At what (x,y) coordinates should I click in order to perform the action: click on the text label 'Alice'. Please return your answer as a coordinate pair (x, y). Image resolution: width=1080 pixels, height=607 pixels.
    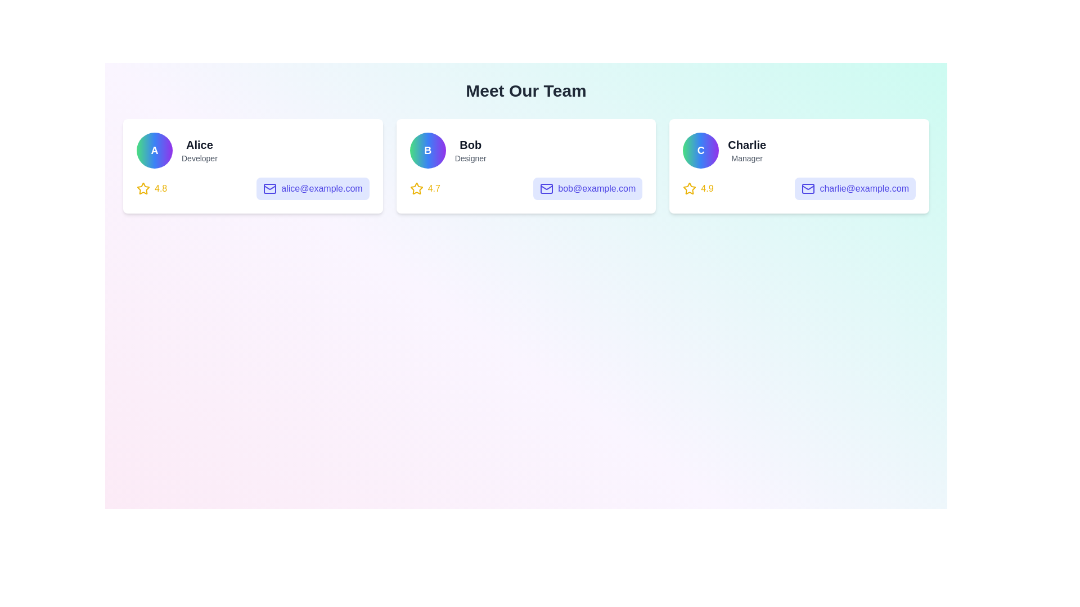
    Looking at the image, I should click on (199, 144).